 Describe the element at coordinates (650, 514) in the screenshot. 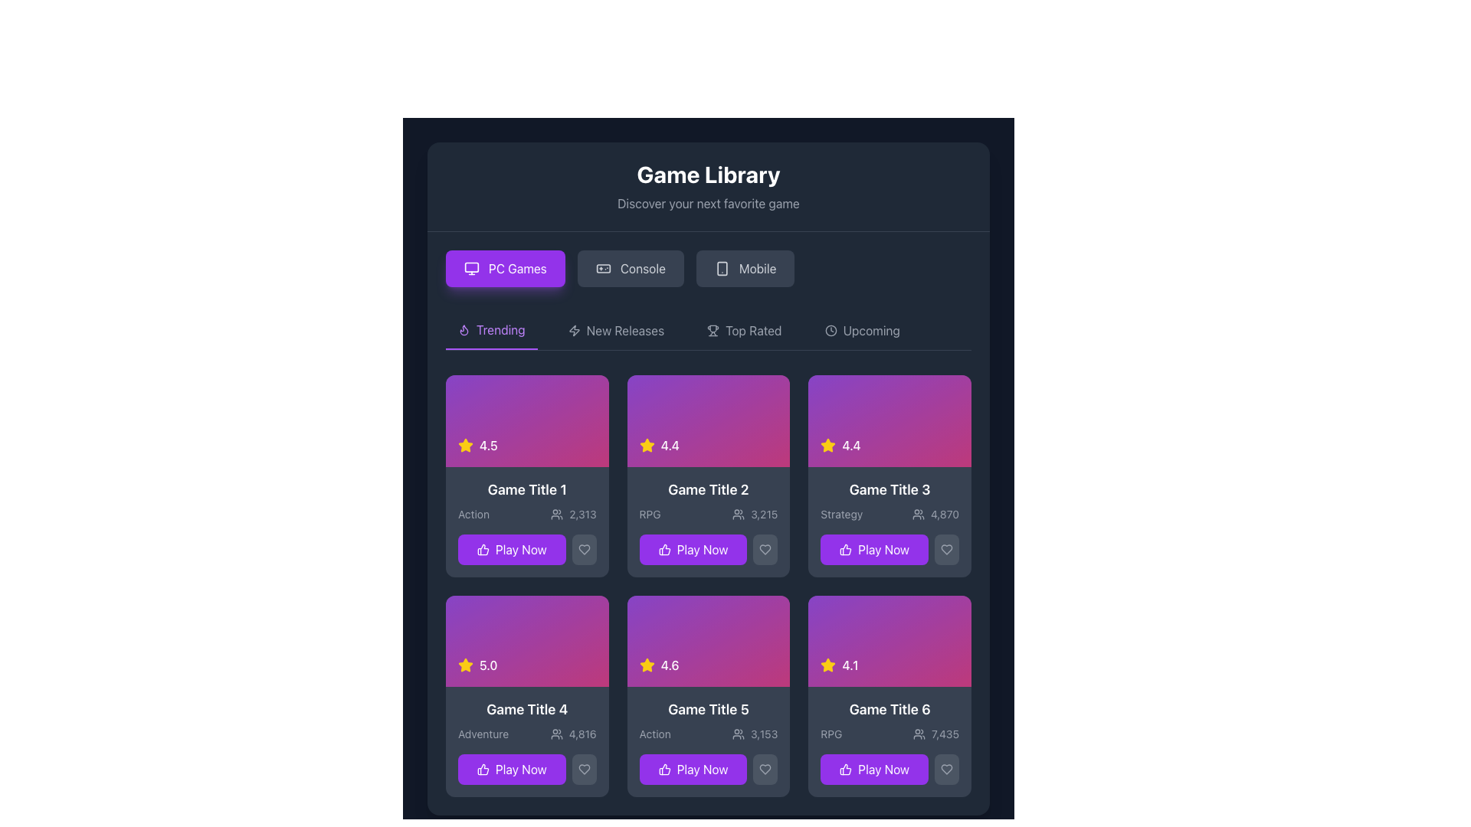

I see `the text label 'RPG' styled in light-gray font located at the bottom left of the second game card under the 'Trending' filter` at that location.